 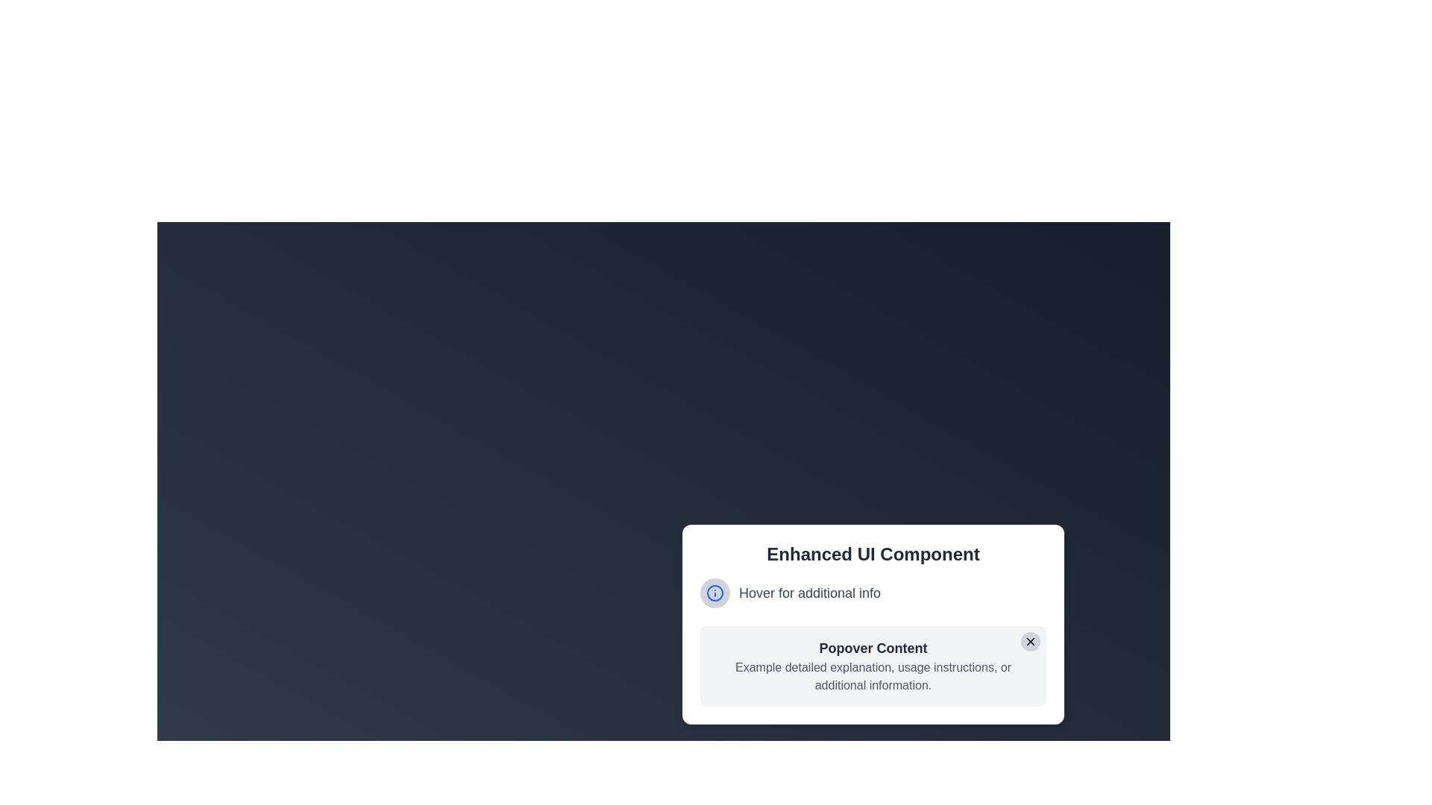 What do you see at coordinates (1030, 640) in the screenshot?
I see `the circular button with a light gray background and a dark gray 'X' icon located in the top-right corner of the popover` at bounding box center [1030, 640].